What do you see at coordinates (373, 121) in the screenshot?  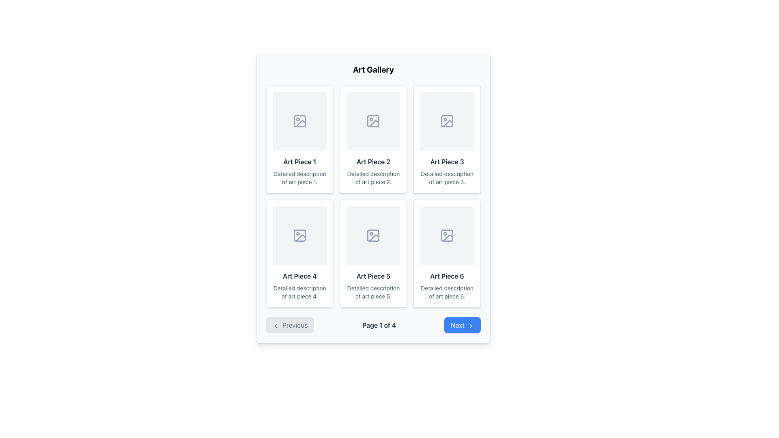 I see `the decorative square element inside the 'Art Piece 2' icon, located in the top-left corner of the icon's frame` at bounding box center [373, 121].